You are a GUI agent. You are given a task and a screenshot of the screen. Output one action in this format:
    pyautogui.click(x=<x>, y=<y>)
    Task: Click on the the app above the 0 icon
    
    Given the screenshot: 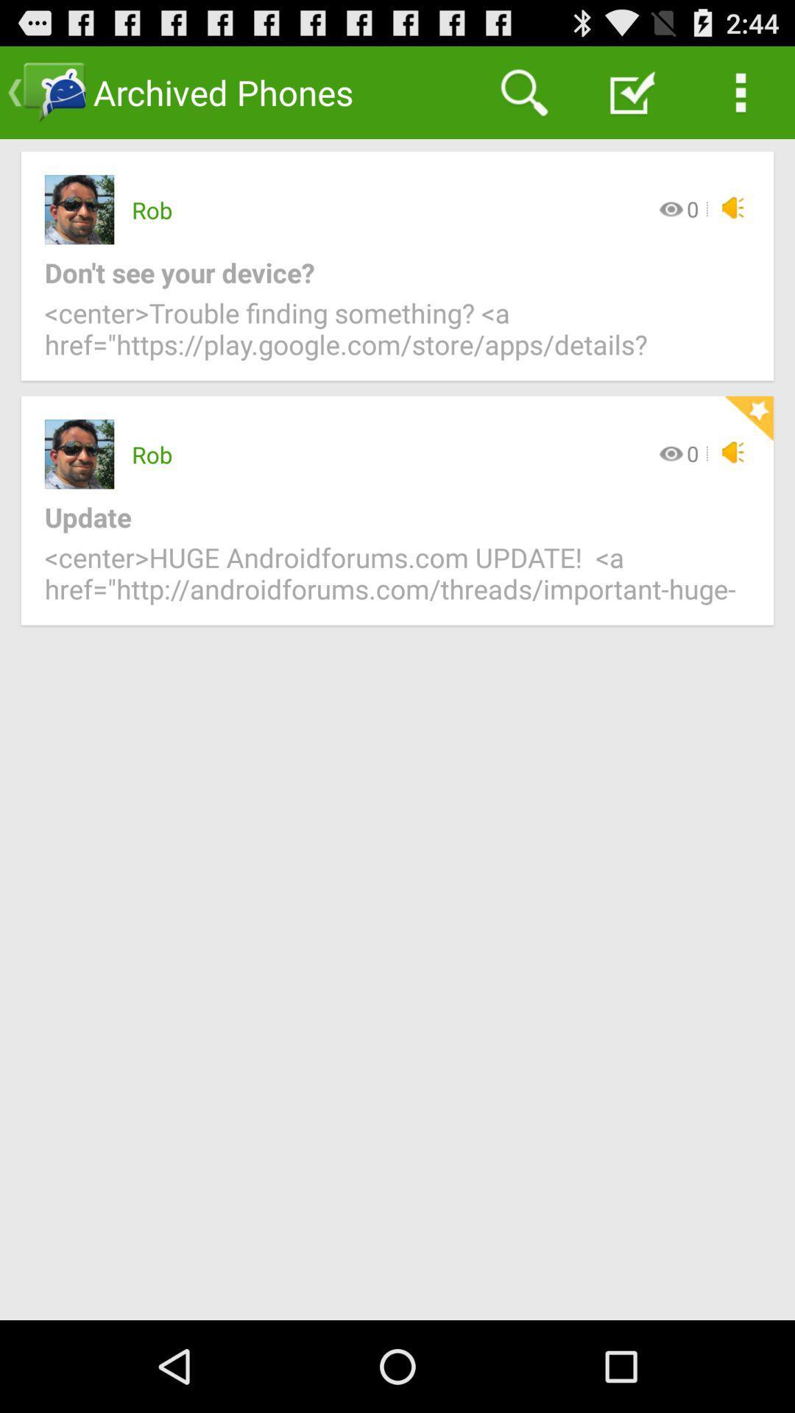 What is the action you would take?
    pyautogui.click(x=632, y=91)
    